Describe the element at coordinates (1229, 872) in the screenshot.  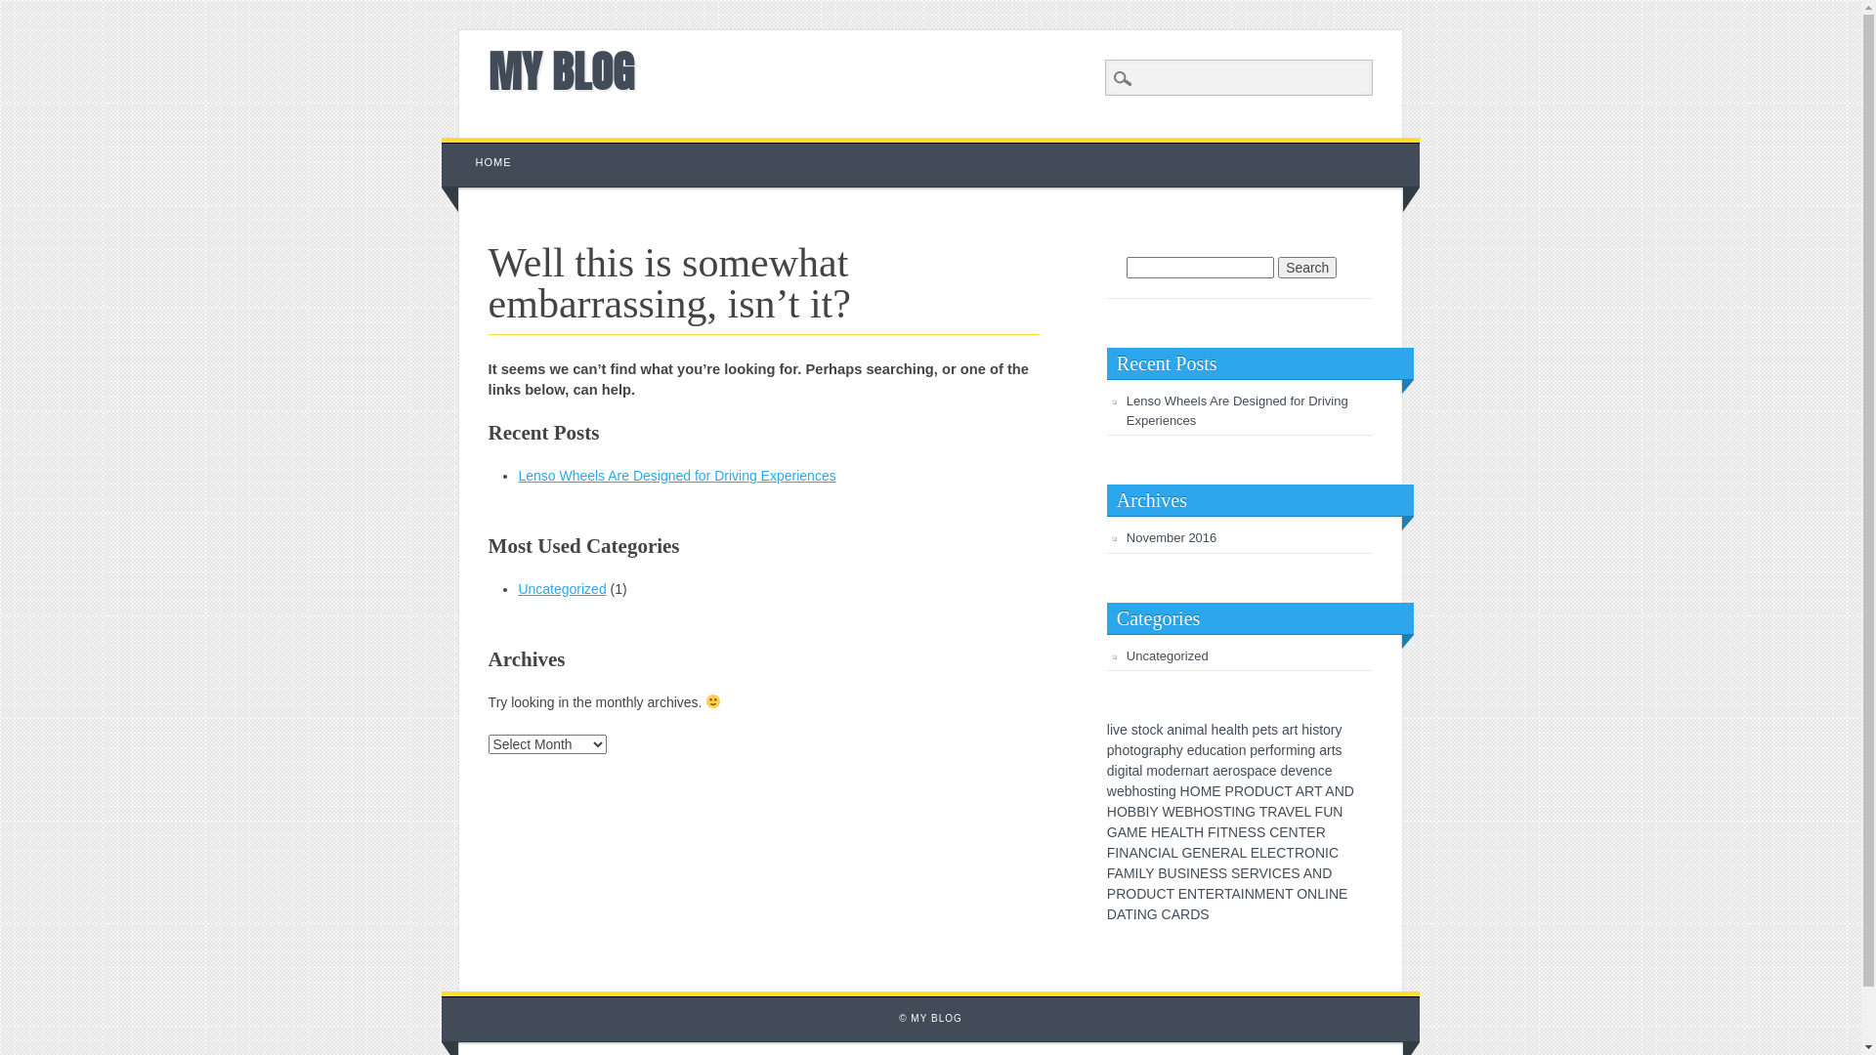
I see `'S'` at that location.